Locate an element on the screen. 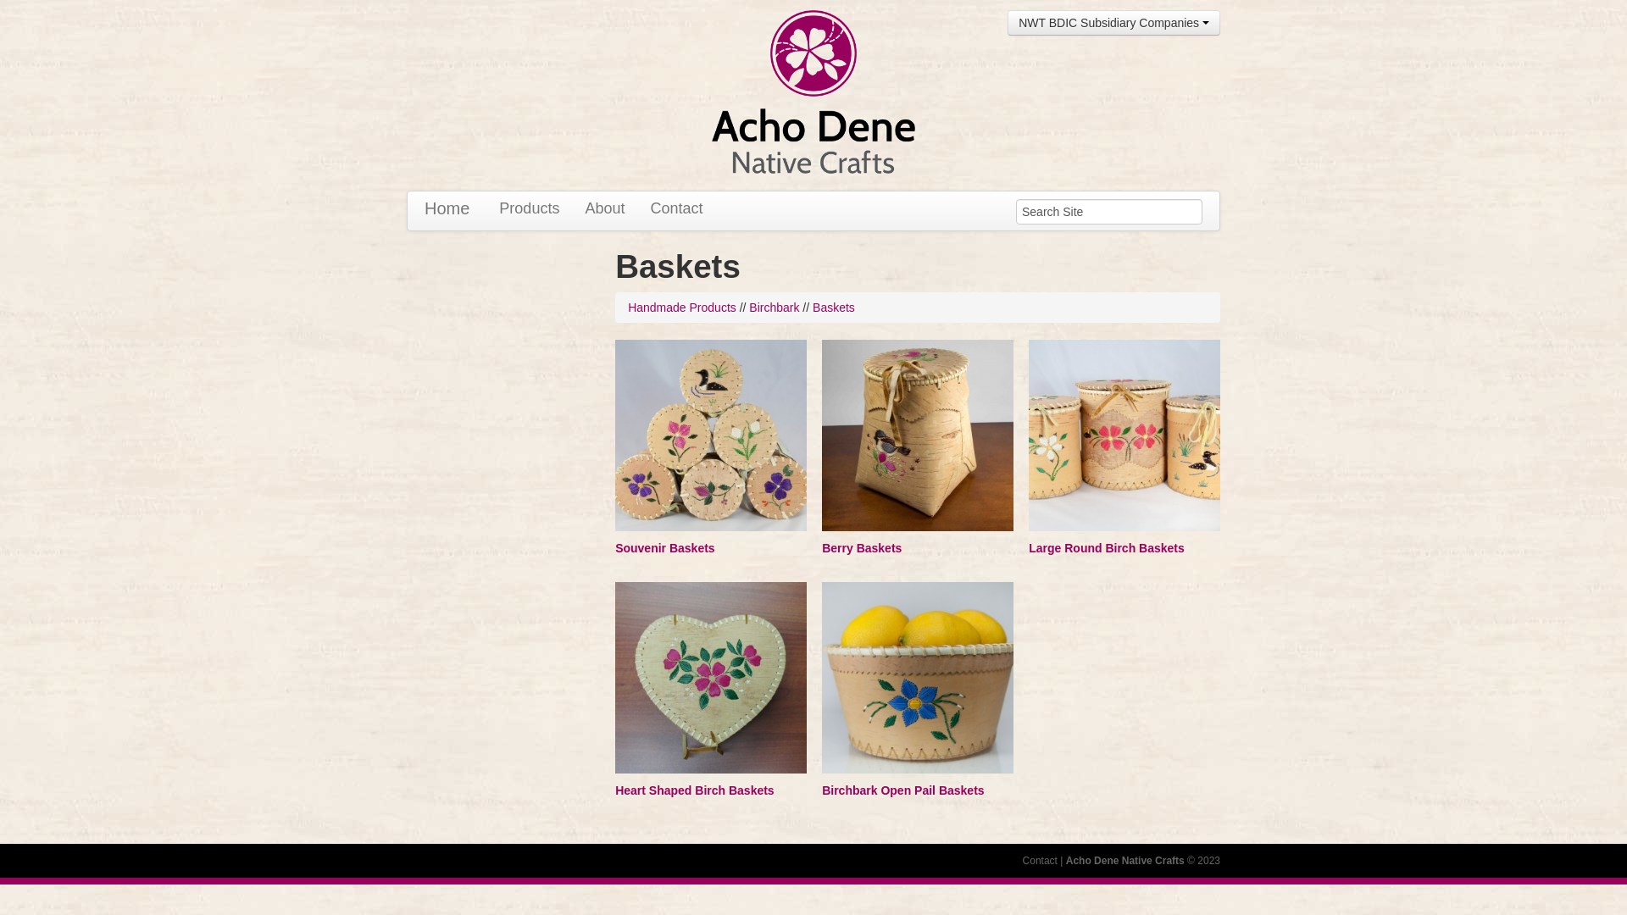  'Berry Baskets' is located at coordinates (862, 548).